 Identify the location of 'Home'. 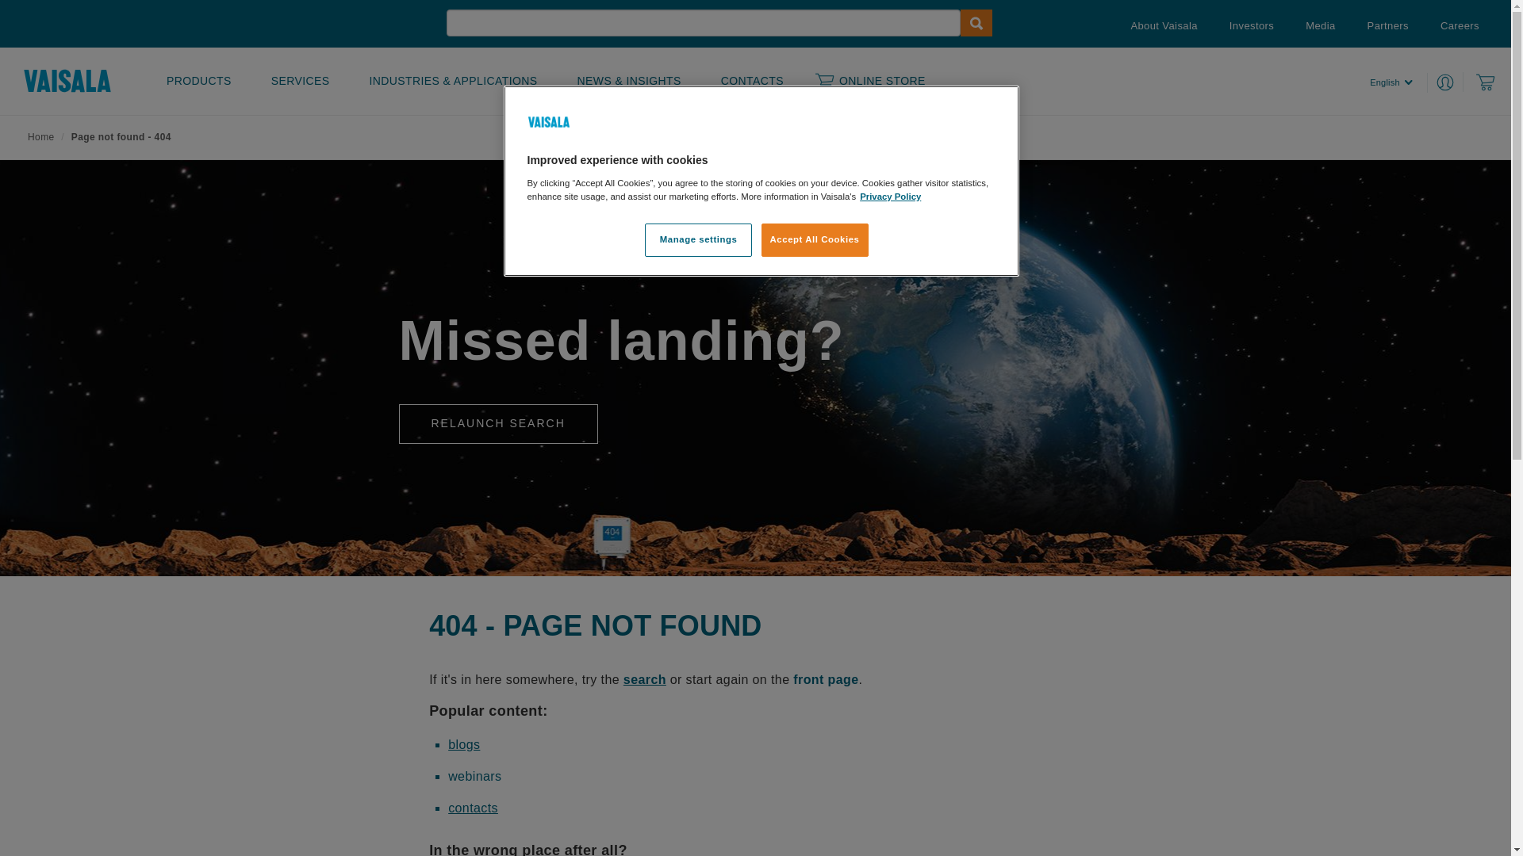
(23, 80).